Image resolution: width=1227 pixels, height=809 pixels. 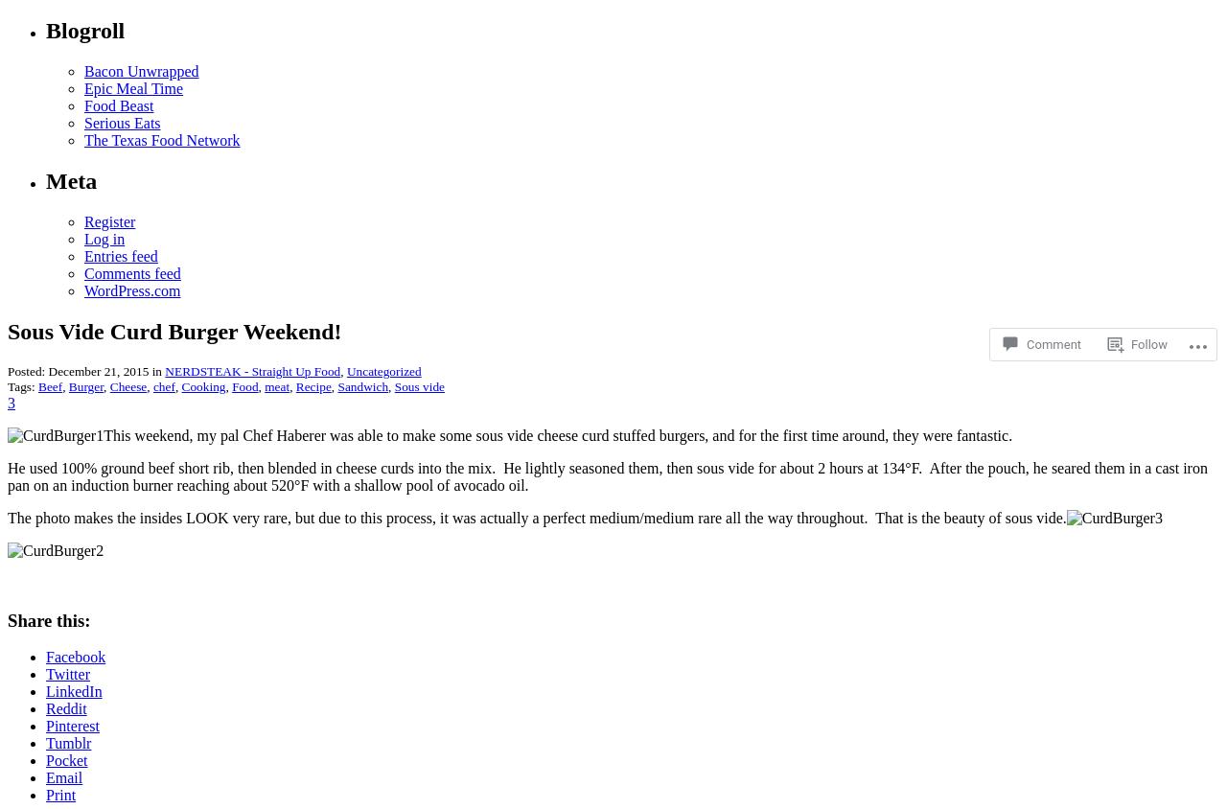 I want to click on 'This weekend, my pal Chef Haberer was able to make some sous vide cheese curd stuffed burgers, and for the first time around, they were fantastic.', so click(x=557, y=434).